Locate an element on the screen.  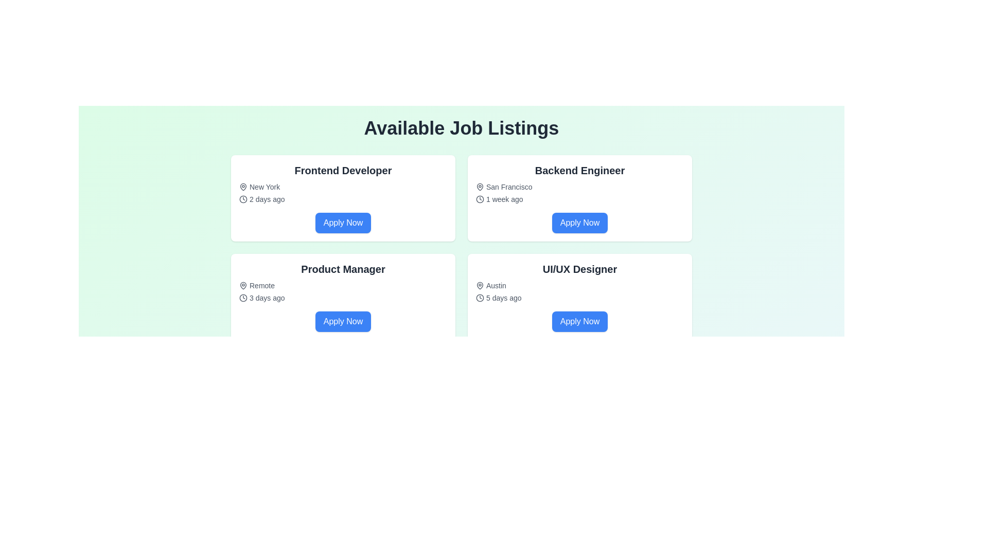
the outer circular boundary of the clock icon in the 'Frontend Developer' job card is located at coordinates (243, 199).